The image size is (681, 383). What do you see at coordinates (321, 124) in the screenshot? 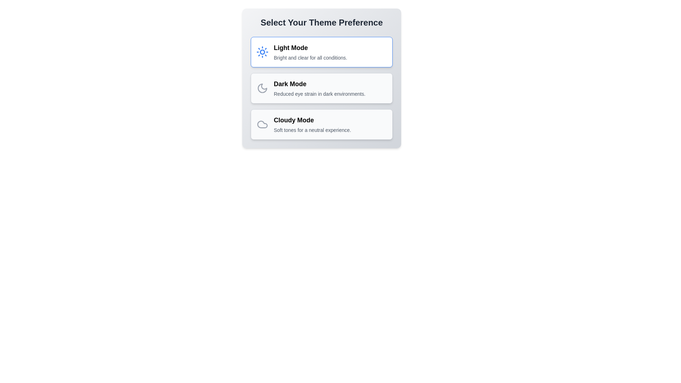
I see `the 'Cloudy Mode' selectable card` at bounding box center [321, 124].